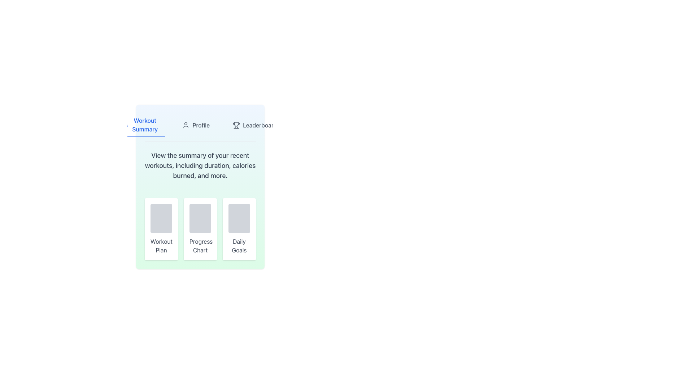  What do you see at coordinates (260, 125) in the screenshot?
I see `the 'Leaderboard' text label in the top navigation bar` at bounding box center [260, 125].